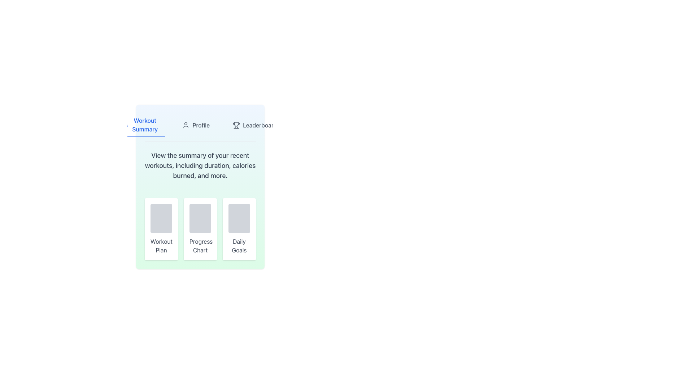  What do you see at coordinates (260, 125) in the screenshot?
I see `the 'Leaderboard' text label in the top navigation bar` at bounding box center [260, 125].